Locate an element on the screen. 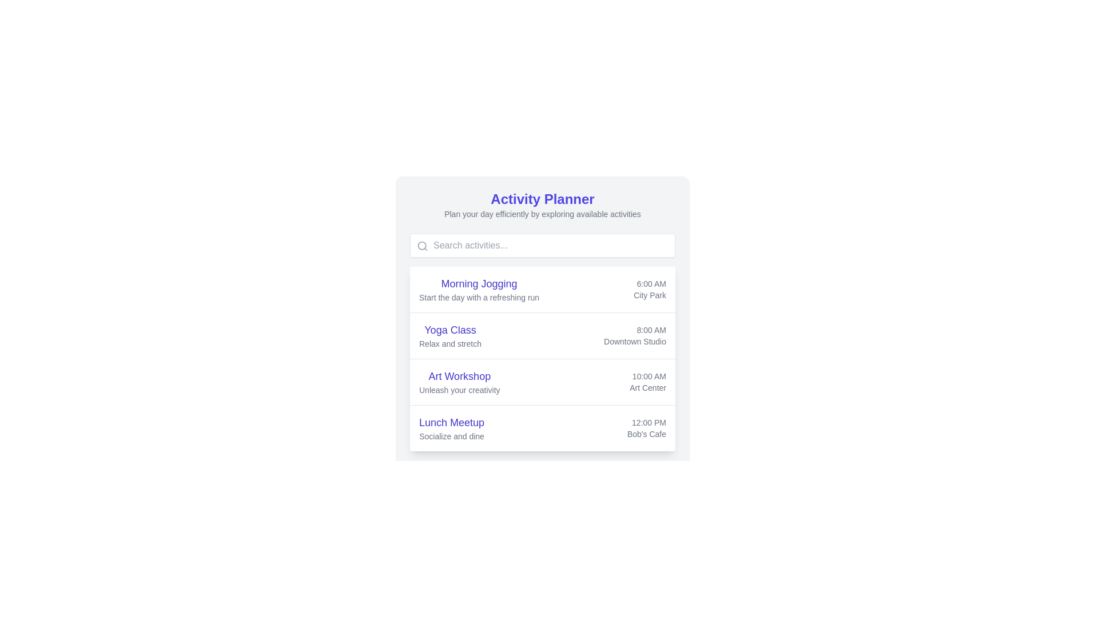 The height and width of the screenshot is (617, 1098). the Text Label indicating the location or venue associated with an event, located at the bottom of the list of activities, aligned to the right side of the card, following the text '12:00 PM' is located at coordinates (647, 434).